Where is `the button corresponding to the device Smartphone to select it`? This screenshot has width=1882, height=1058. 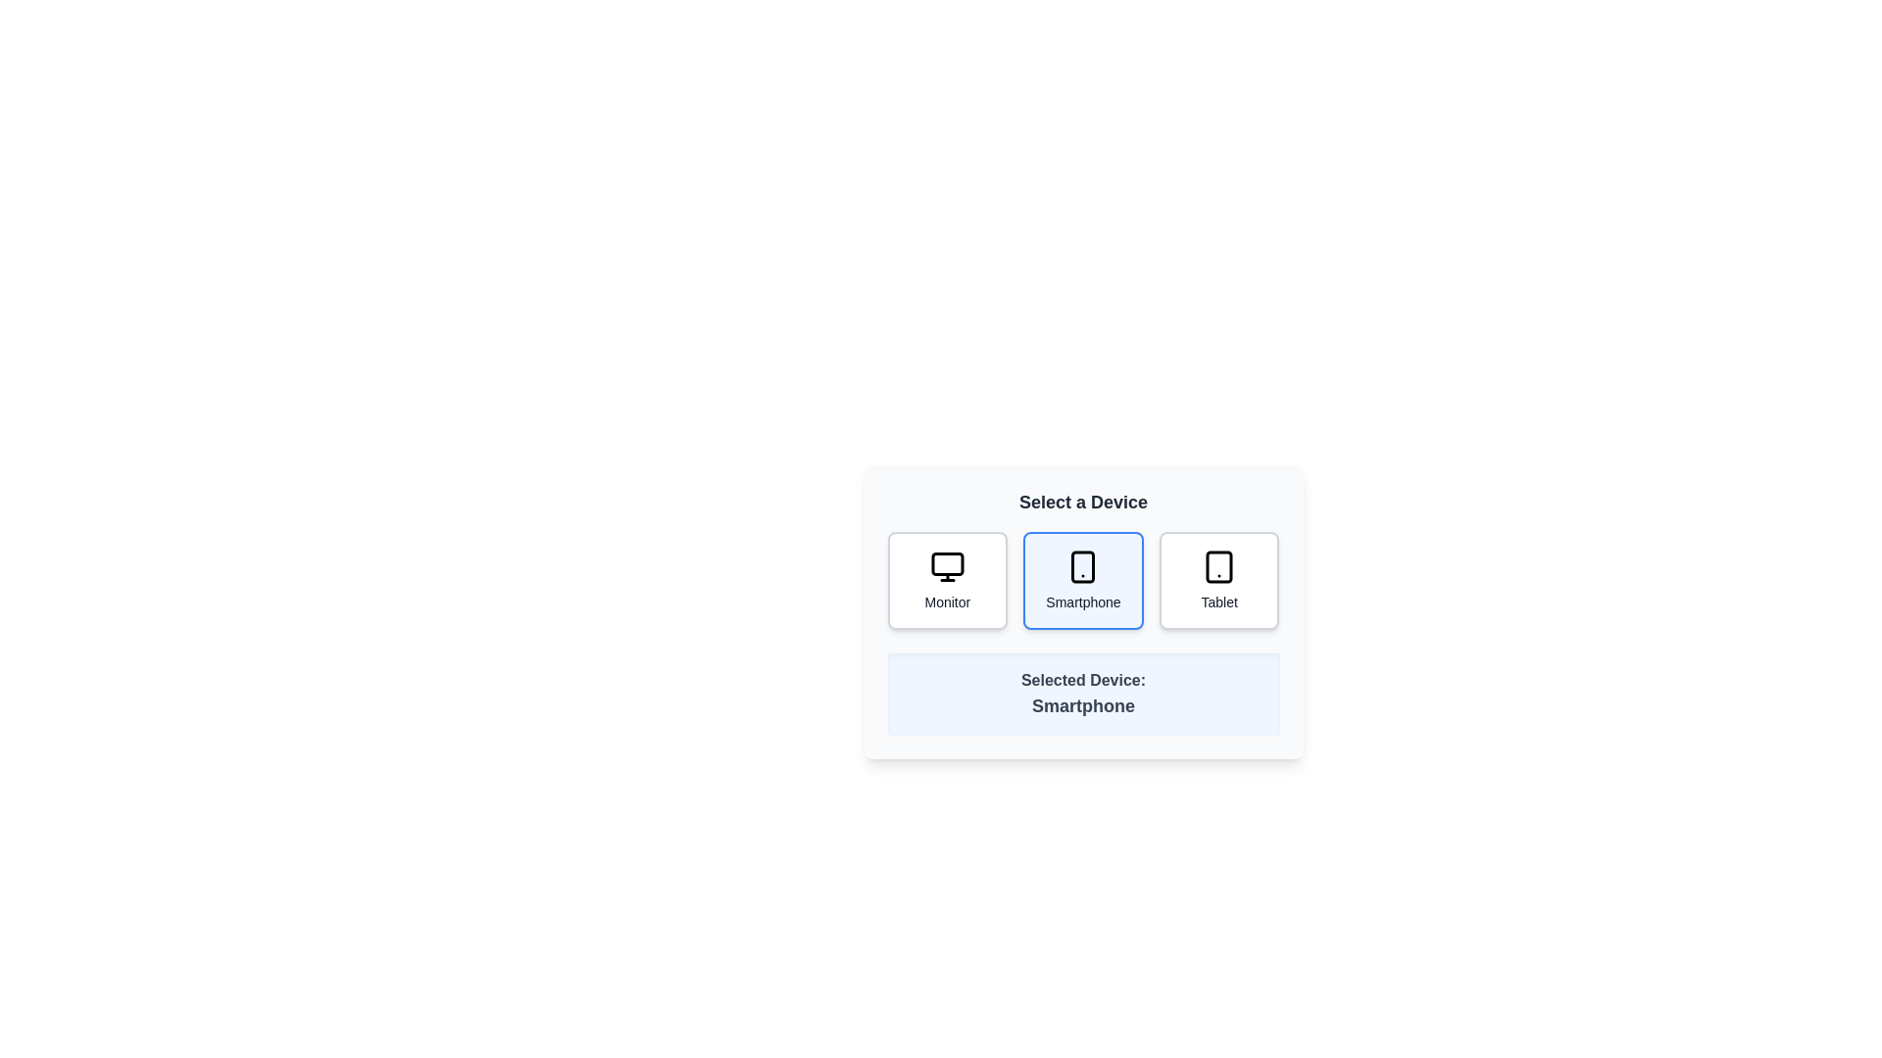
the button corresponding to the device Smartphone to select it is located at coordinates (1082, 580).